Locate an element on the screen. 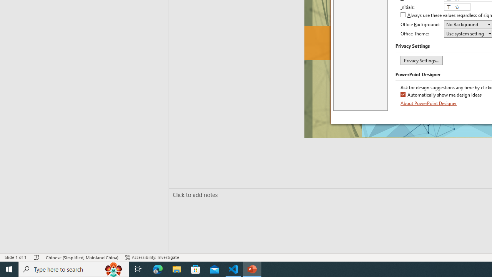 This screenshot has height=277, width=492. 'About PowerPoint Designer' is located at coordinates (429, 103).